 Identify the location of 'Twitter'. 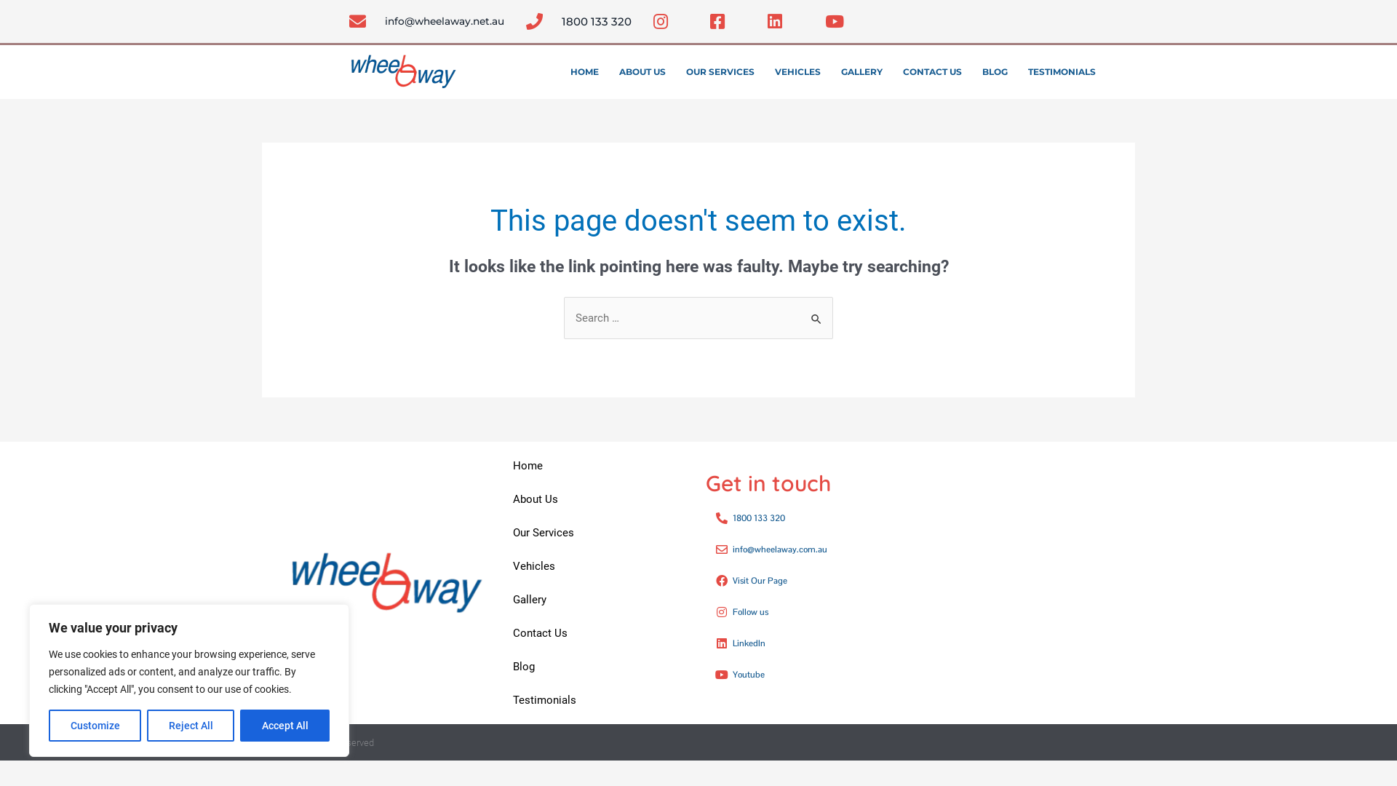
(1034, 17).